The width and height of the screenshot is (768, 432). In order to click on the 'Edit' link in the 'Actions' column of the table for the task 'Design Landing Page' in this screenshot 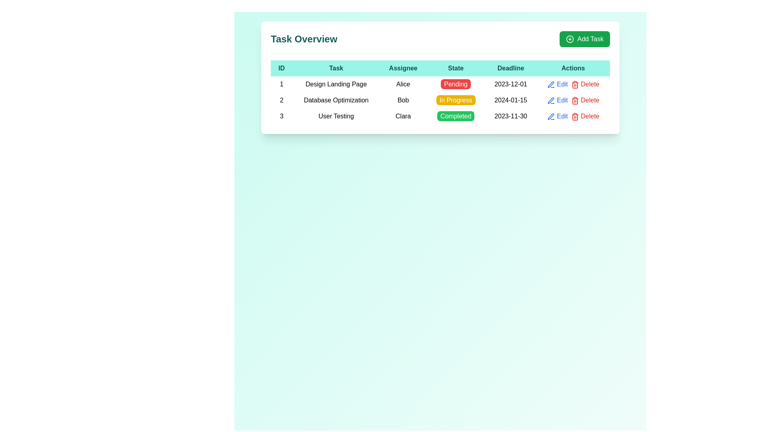, I will do `click(557, 84)`.